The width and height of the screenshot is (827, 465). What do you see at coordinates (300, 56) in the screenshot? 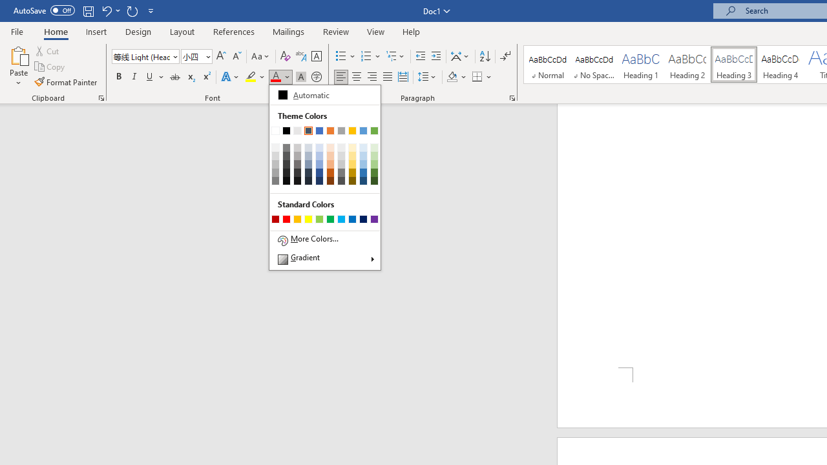
I see `'Phonetic Guide...'` at bounding box center [300, 56].